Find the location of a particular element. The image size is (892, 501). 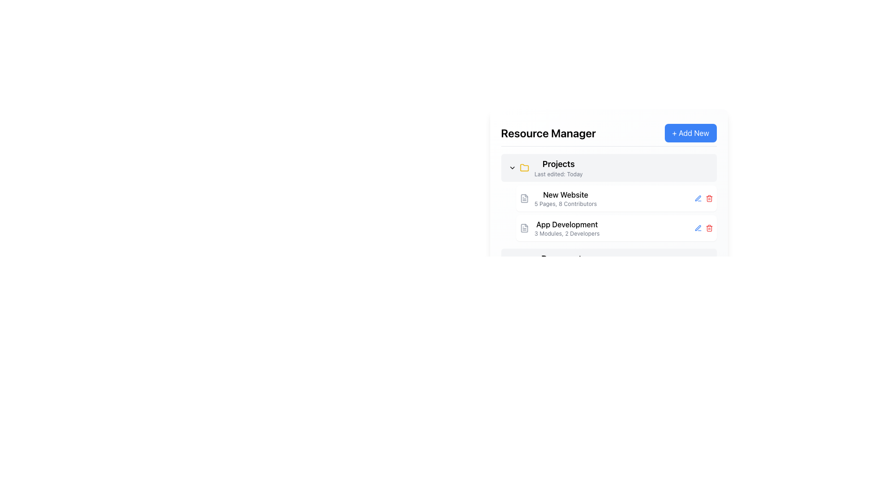

the folder icon located to the left of the 'Projects' label in the 'Resource Manager' section is located at coordinates (524, 167).